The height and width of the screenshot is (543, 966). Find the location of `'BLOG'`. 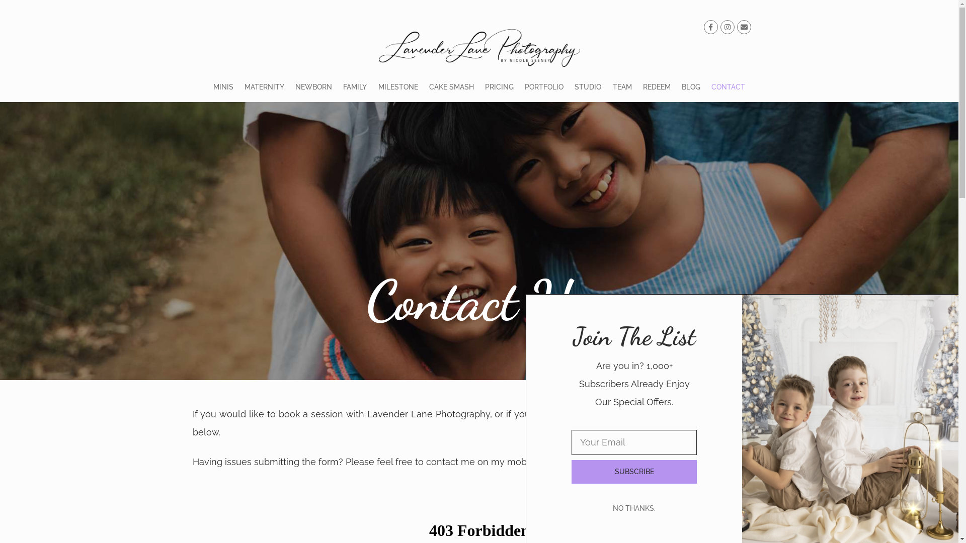

'BLOG' is located at coordinates (690, 86).